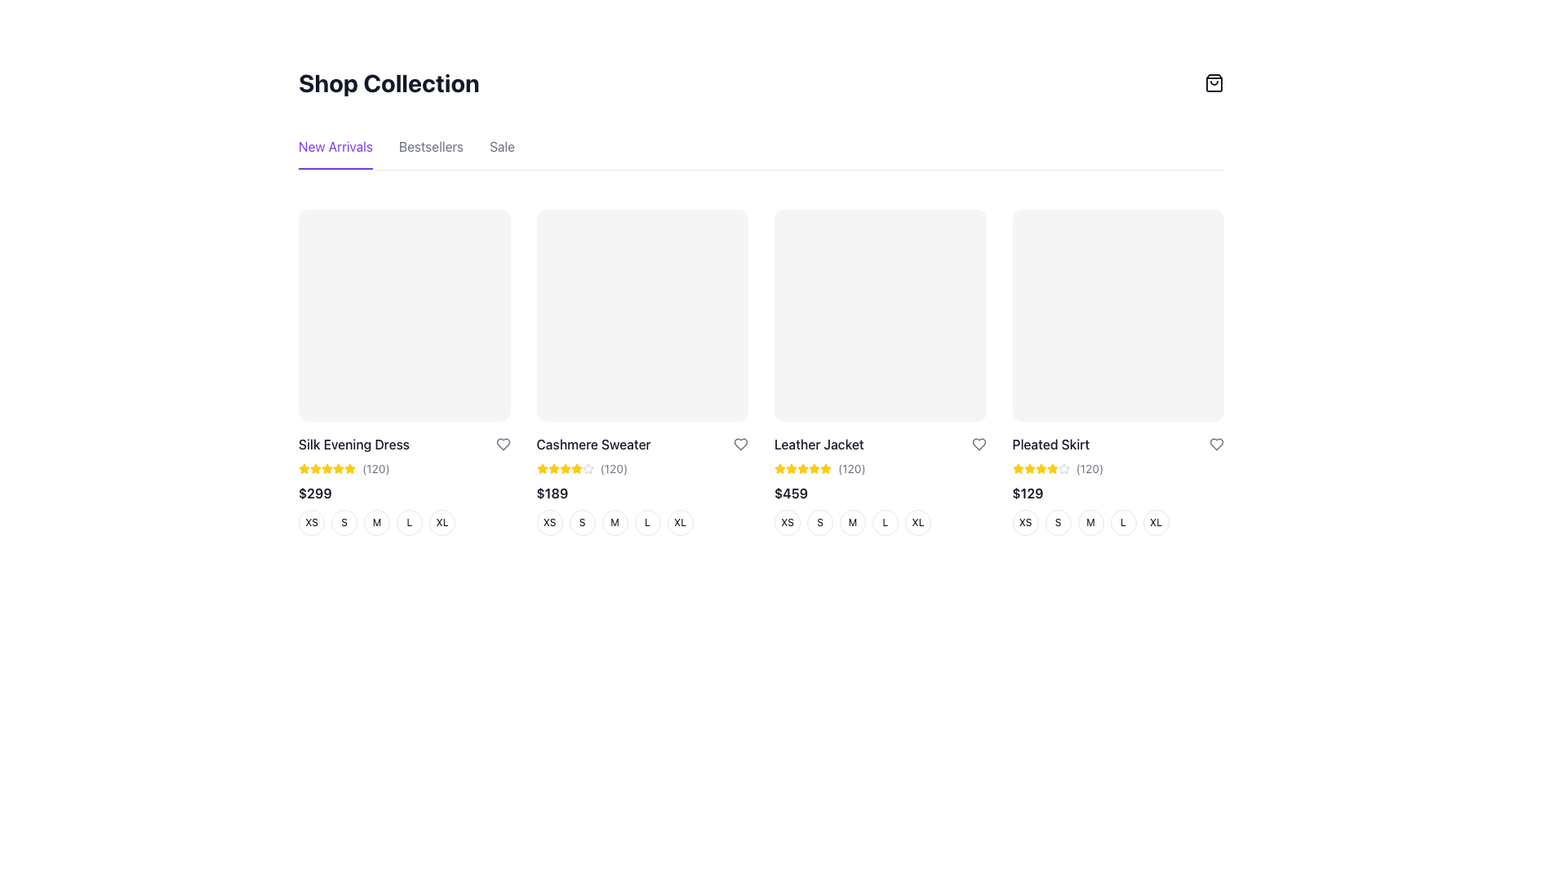 Image resolution: width=1567 pixels, height=881 pixels. I want to click on the 'XS' size button located at the bottom of the 'Pleated Skirt' product card, so click(1024, 522).